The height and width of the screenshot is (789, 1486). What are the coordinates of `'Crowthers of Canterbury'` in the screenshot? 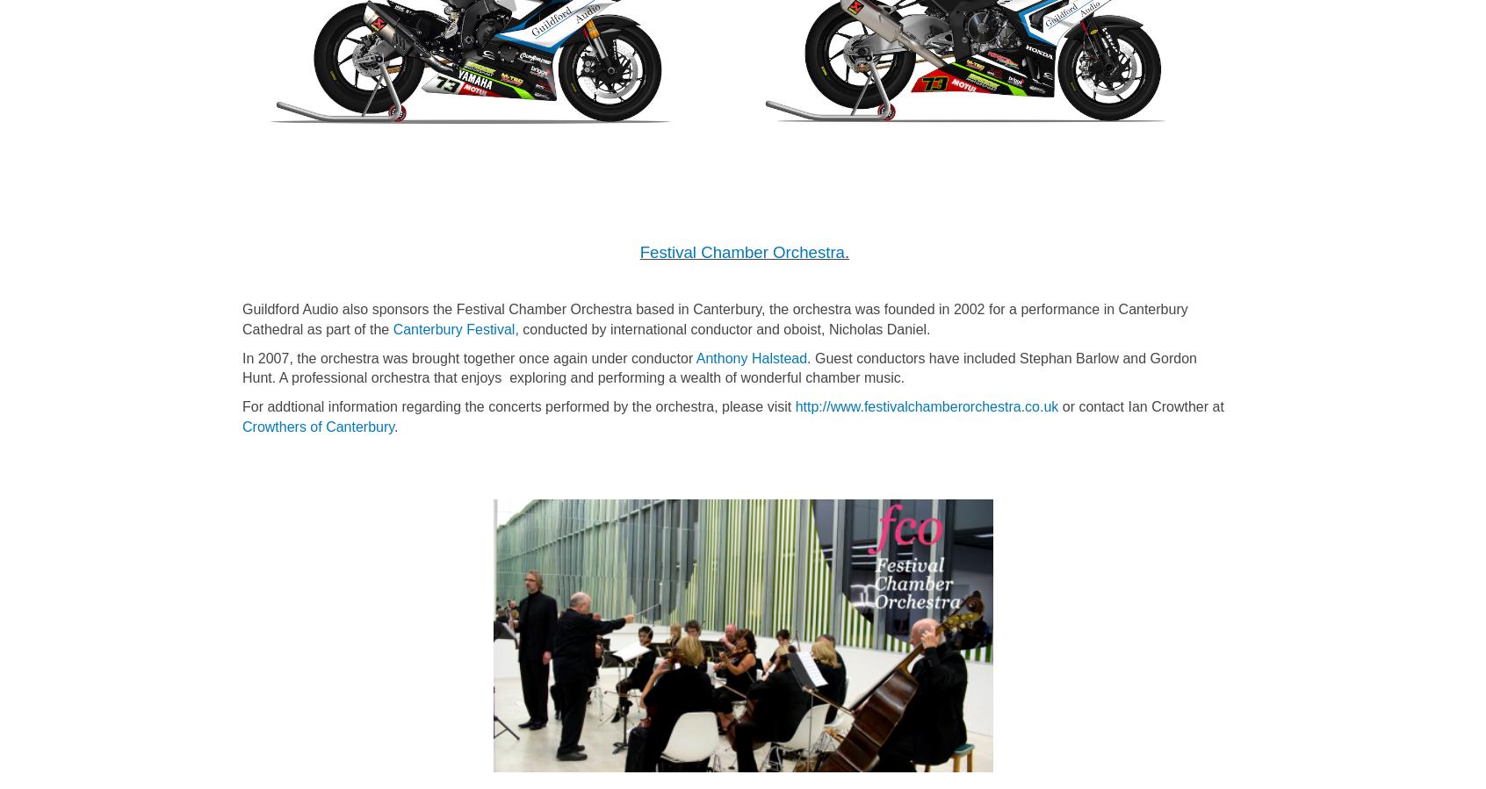 It's located at (318, 427).